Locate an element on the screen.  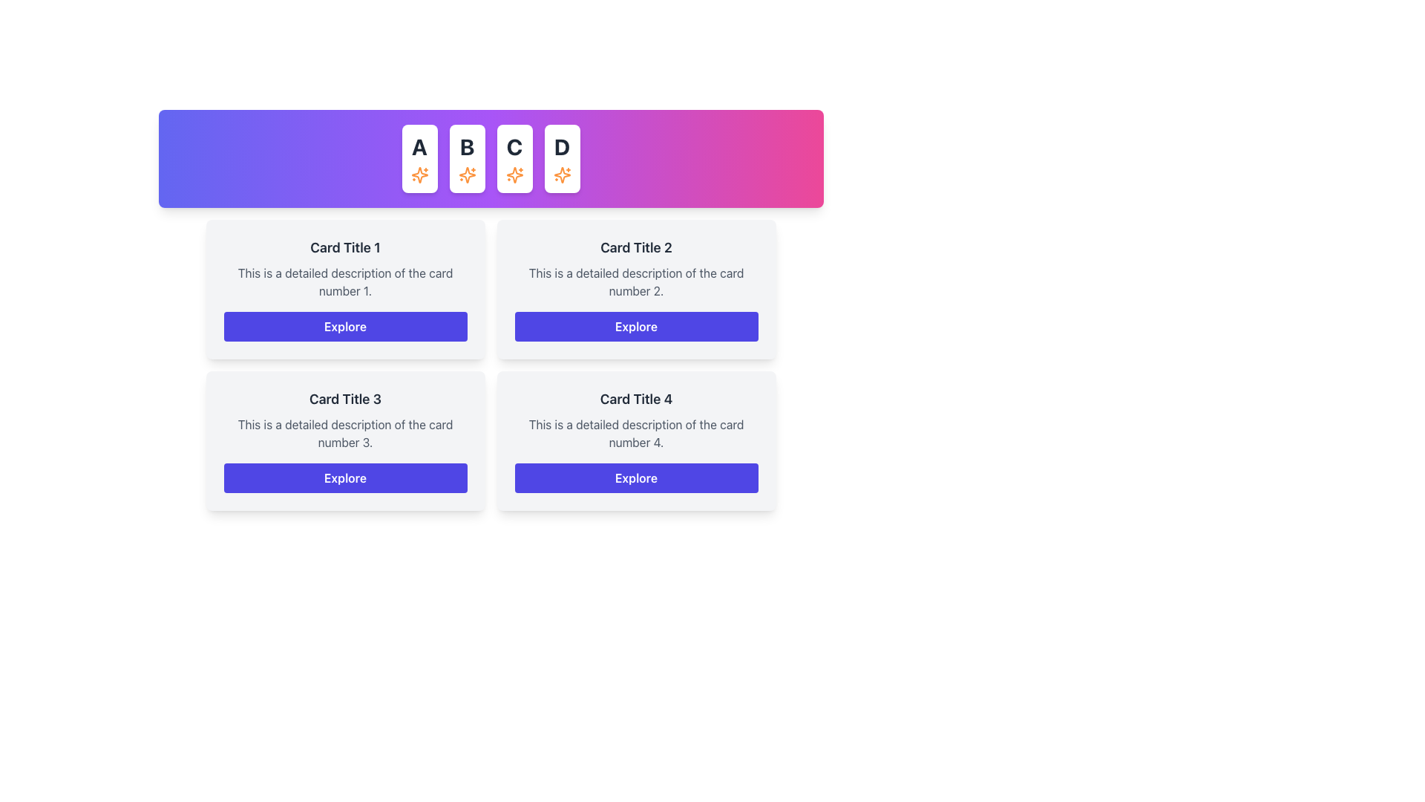
the text block stating 'This is a detailed description of the card number 2.' which is located in the card labeled 'Card Title 2' in the second column of the card grid is located at coordinates (636, 282).